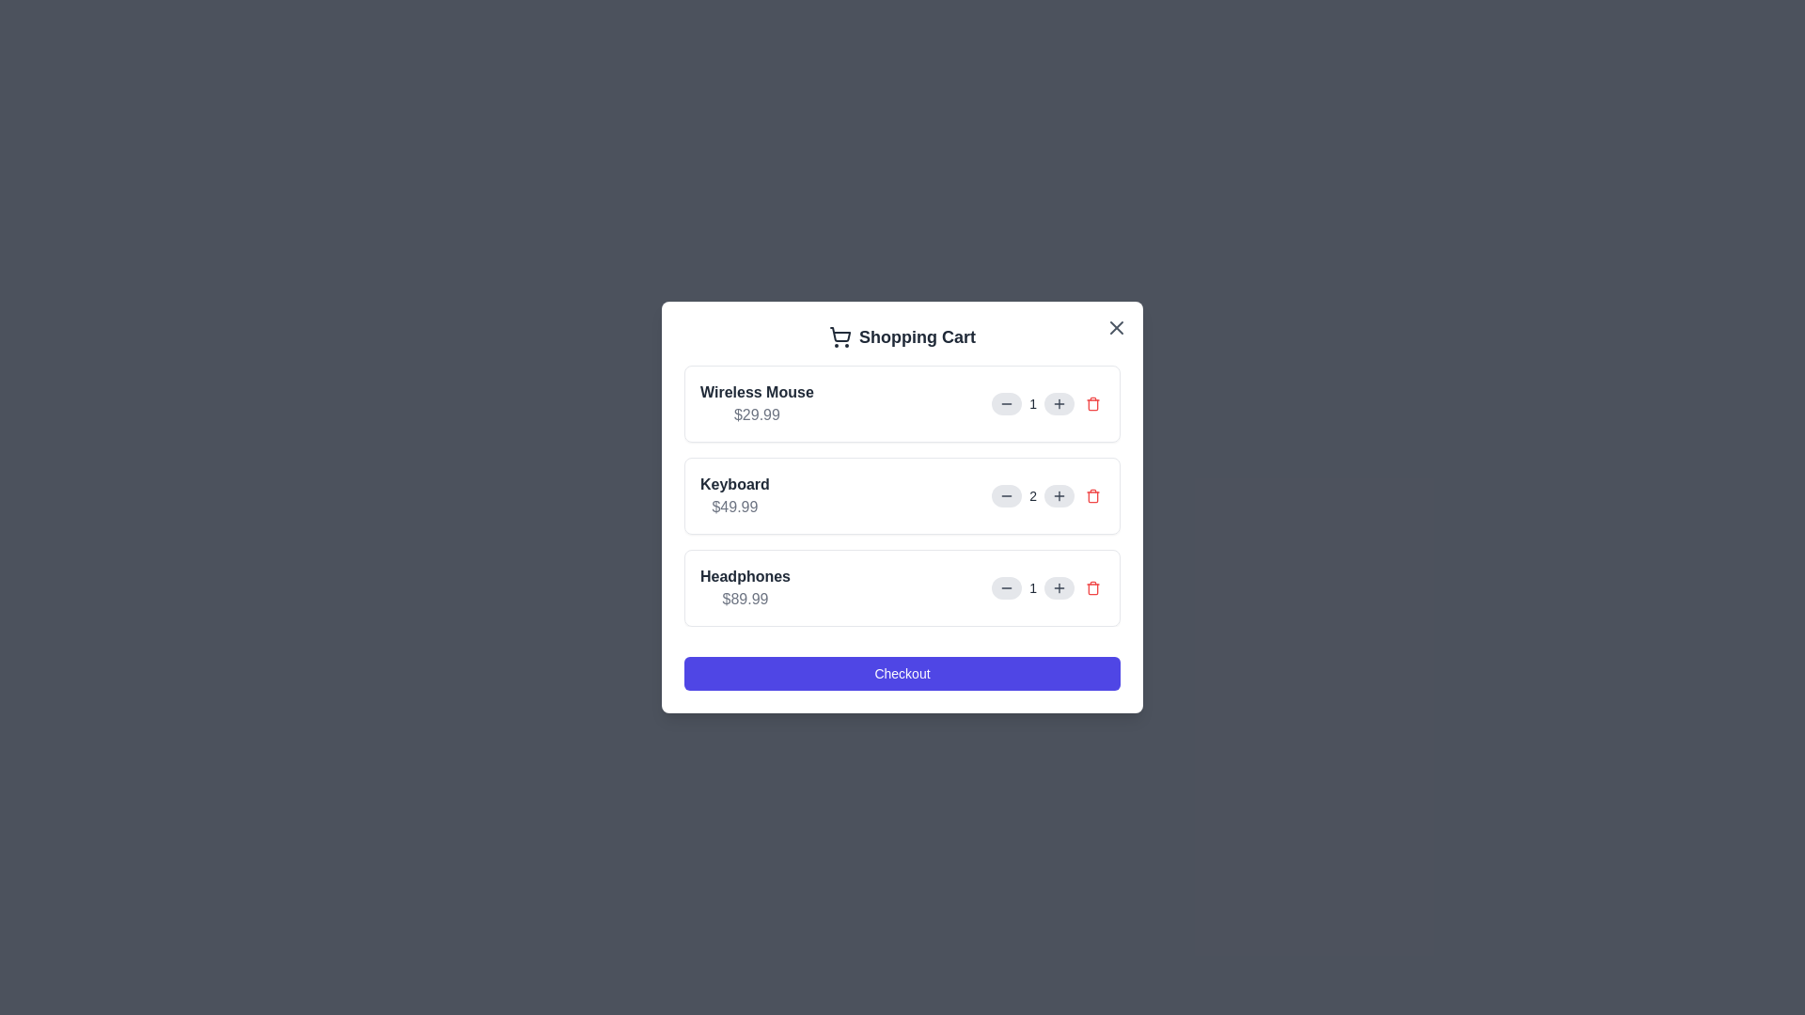 This screenshot has width=1805, height=1015. Describe the element at coordinates (744, 575) in the screenshot. I see `the text label displaying the product name 'Headphones' located in the third row of the shopping cart interface` at that location.